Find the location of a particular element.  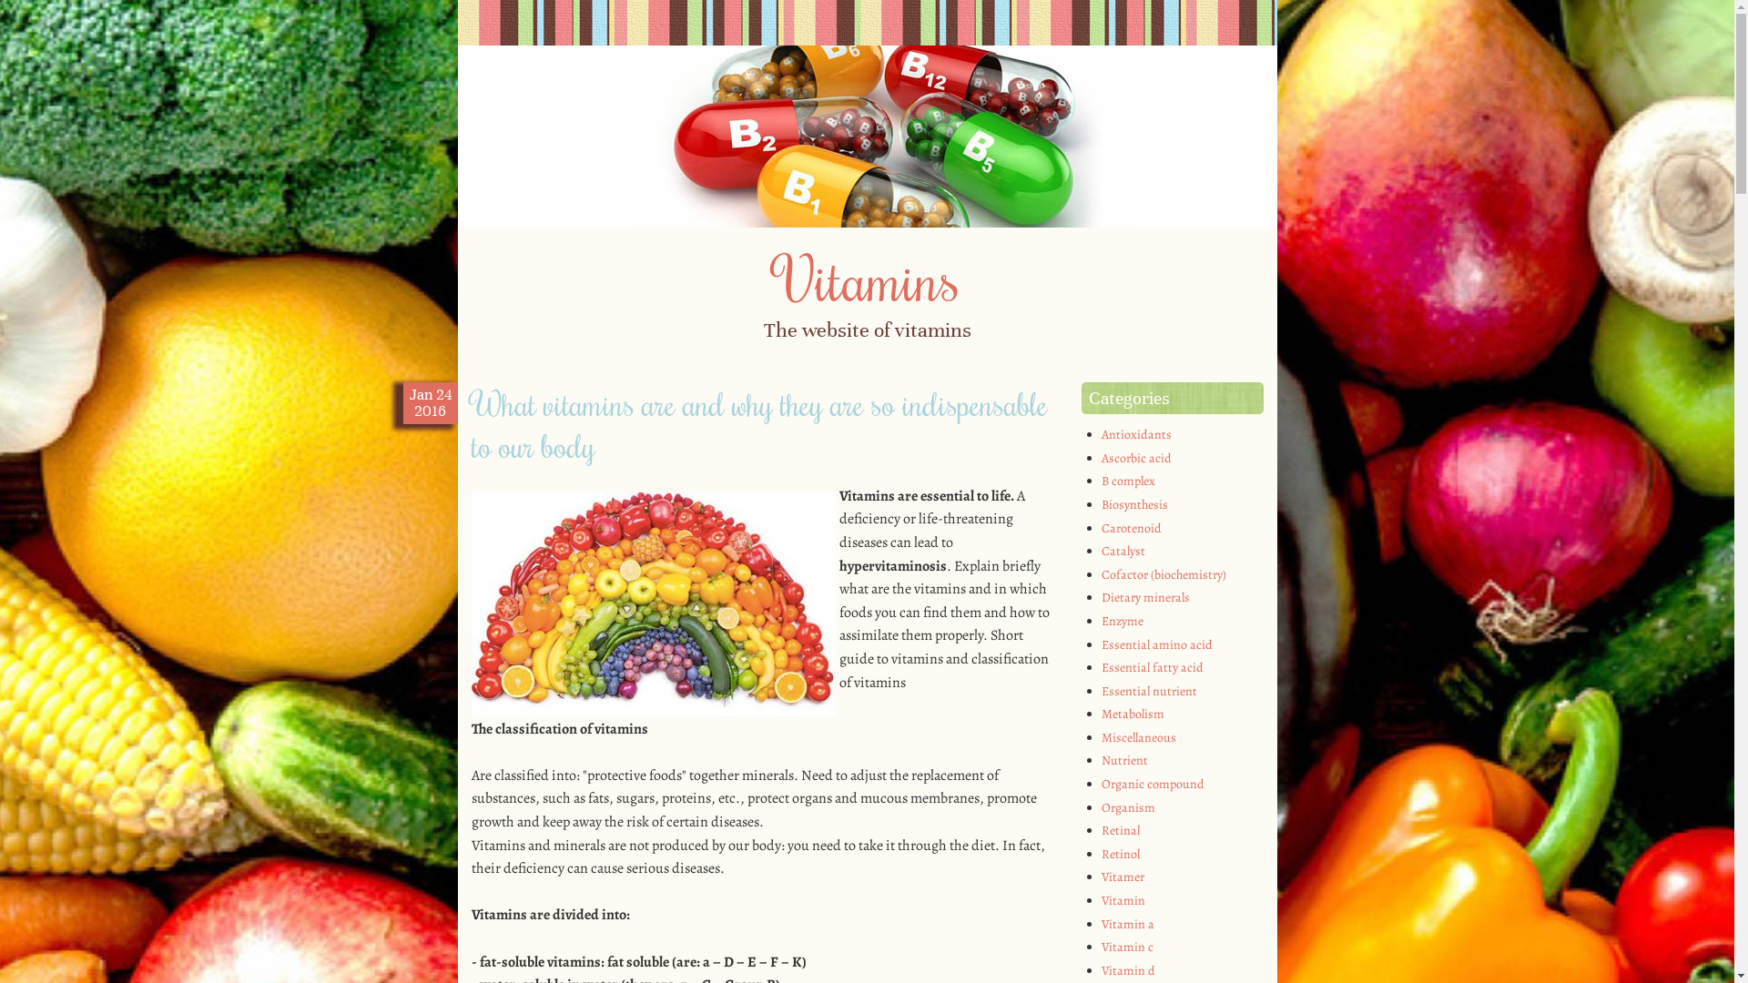

'Vitamer' is located at coordinates (1122, 876).